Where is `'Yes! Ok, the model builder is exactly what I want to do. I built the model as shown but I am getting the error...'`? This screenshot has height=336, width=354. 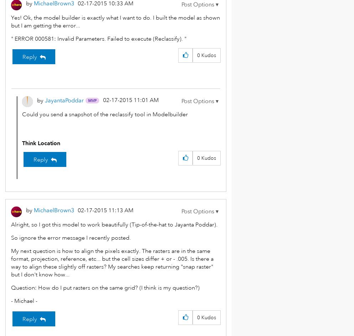
'Yes! Ok, the model builder is exactly what I want to do. I built the model as shown but I am getting the error...' is located at coordinates (115, 21).